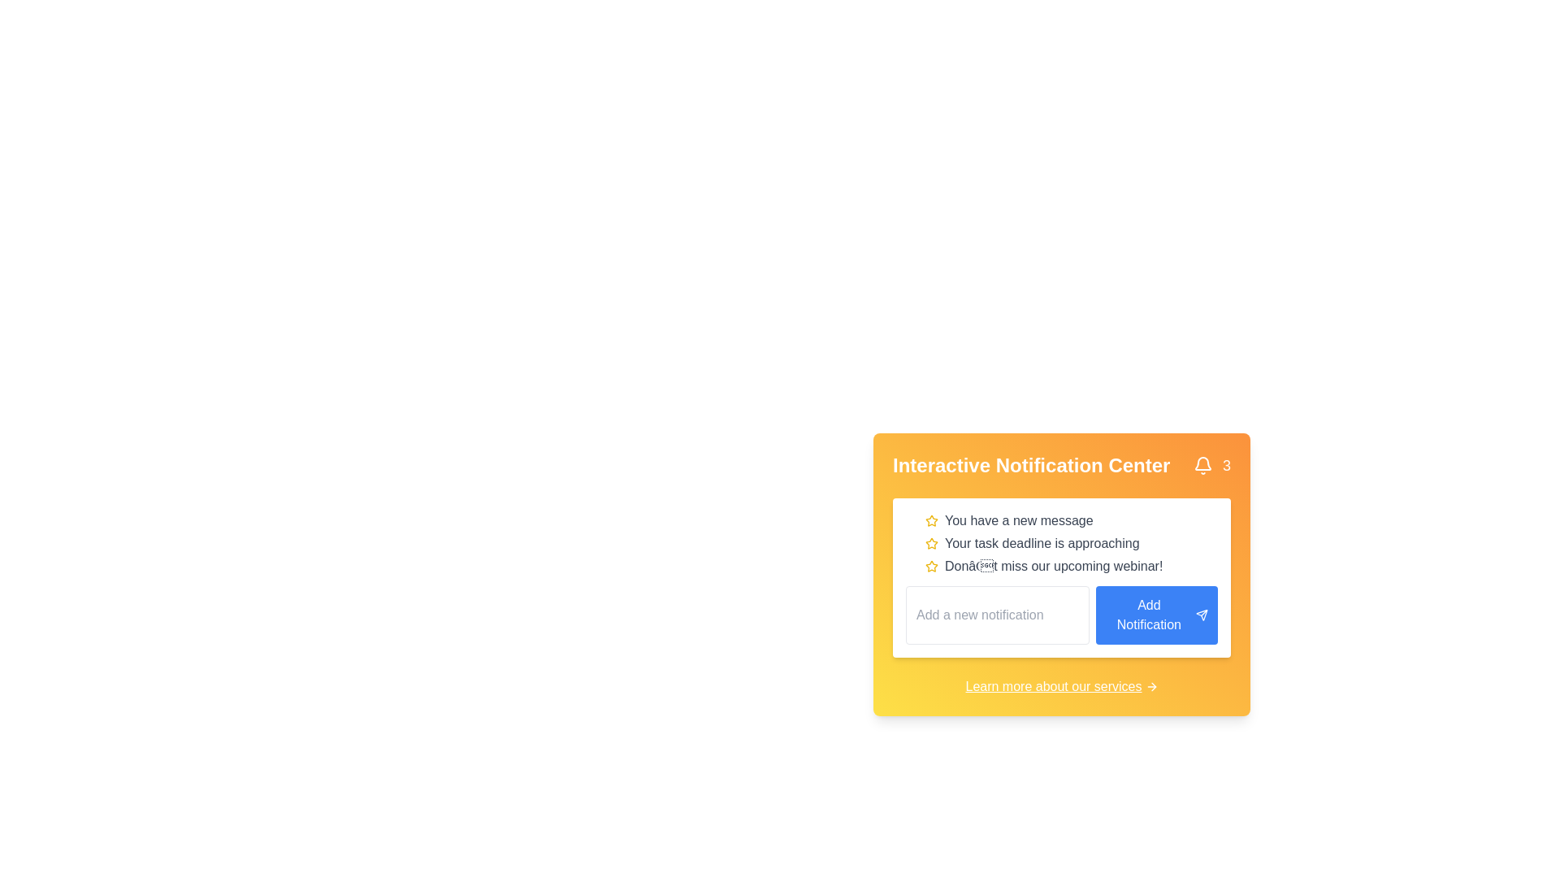 This screenshot has width=1560, height=878. What do you see at coordinates (1072, 520) in the screenshot?
I see `the notification item that consists of a yellow star icon followed by the text 'You have a new message.' in the notification panel` at bounding box center [1072, 520].